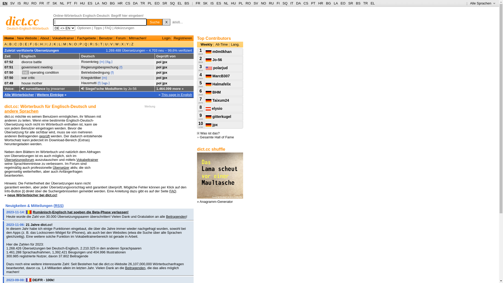 This screenshot has width=503, height=283. I want to click on 'jpx', so click(165, 83).